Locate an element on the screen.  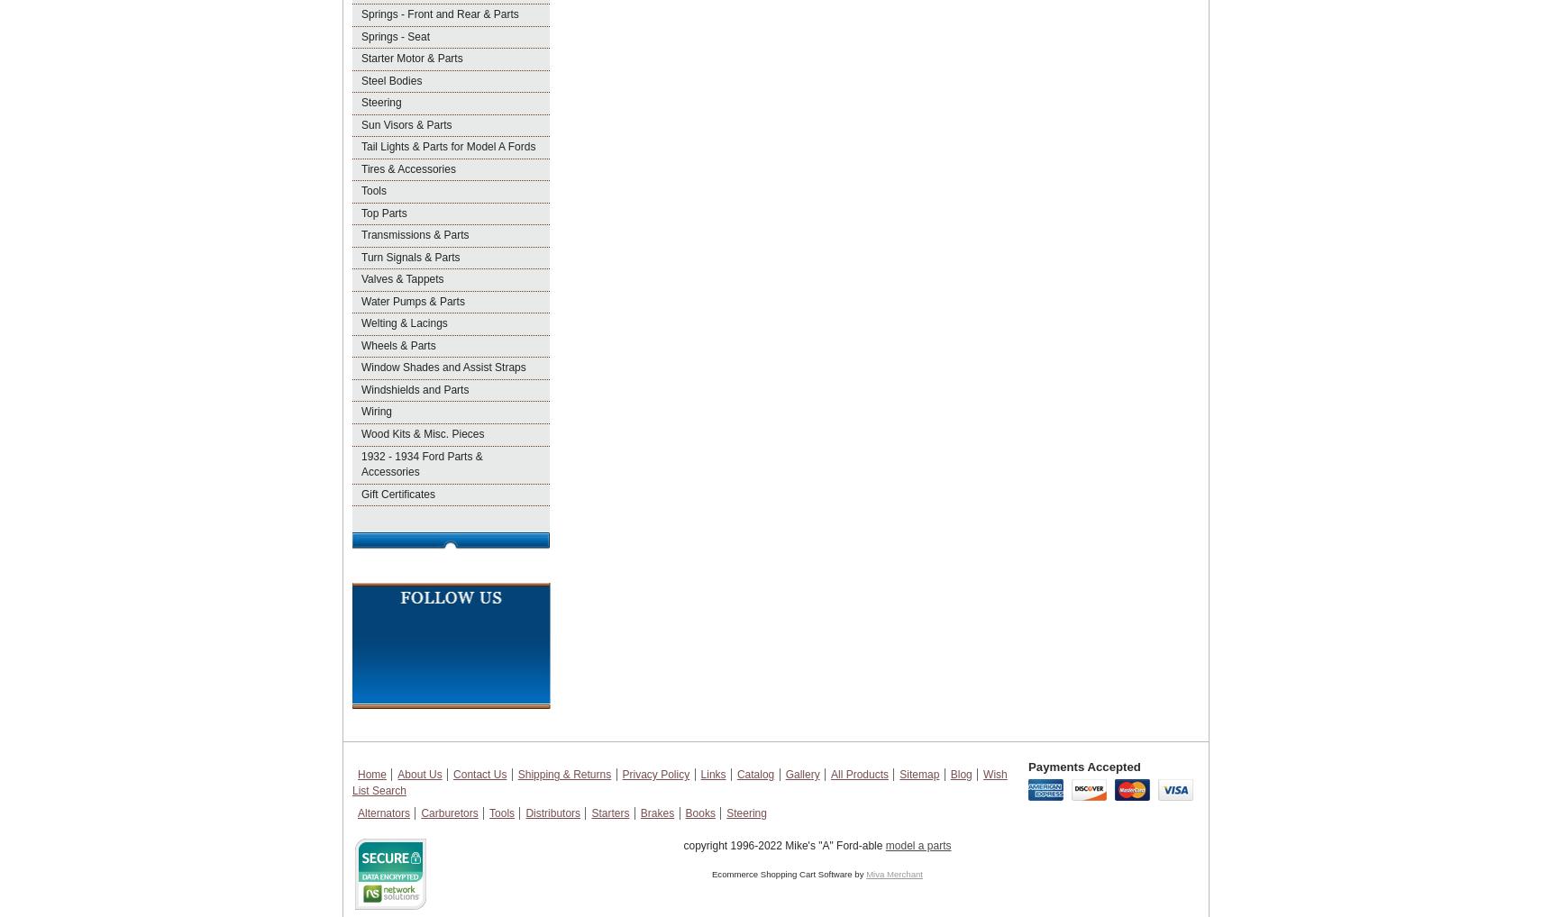
'Welting & Lacings' is located at coordinates (361, 323).